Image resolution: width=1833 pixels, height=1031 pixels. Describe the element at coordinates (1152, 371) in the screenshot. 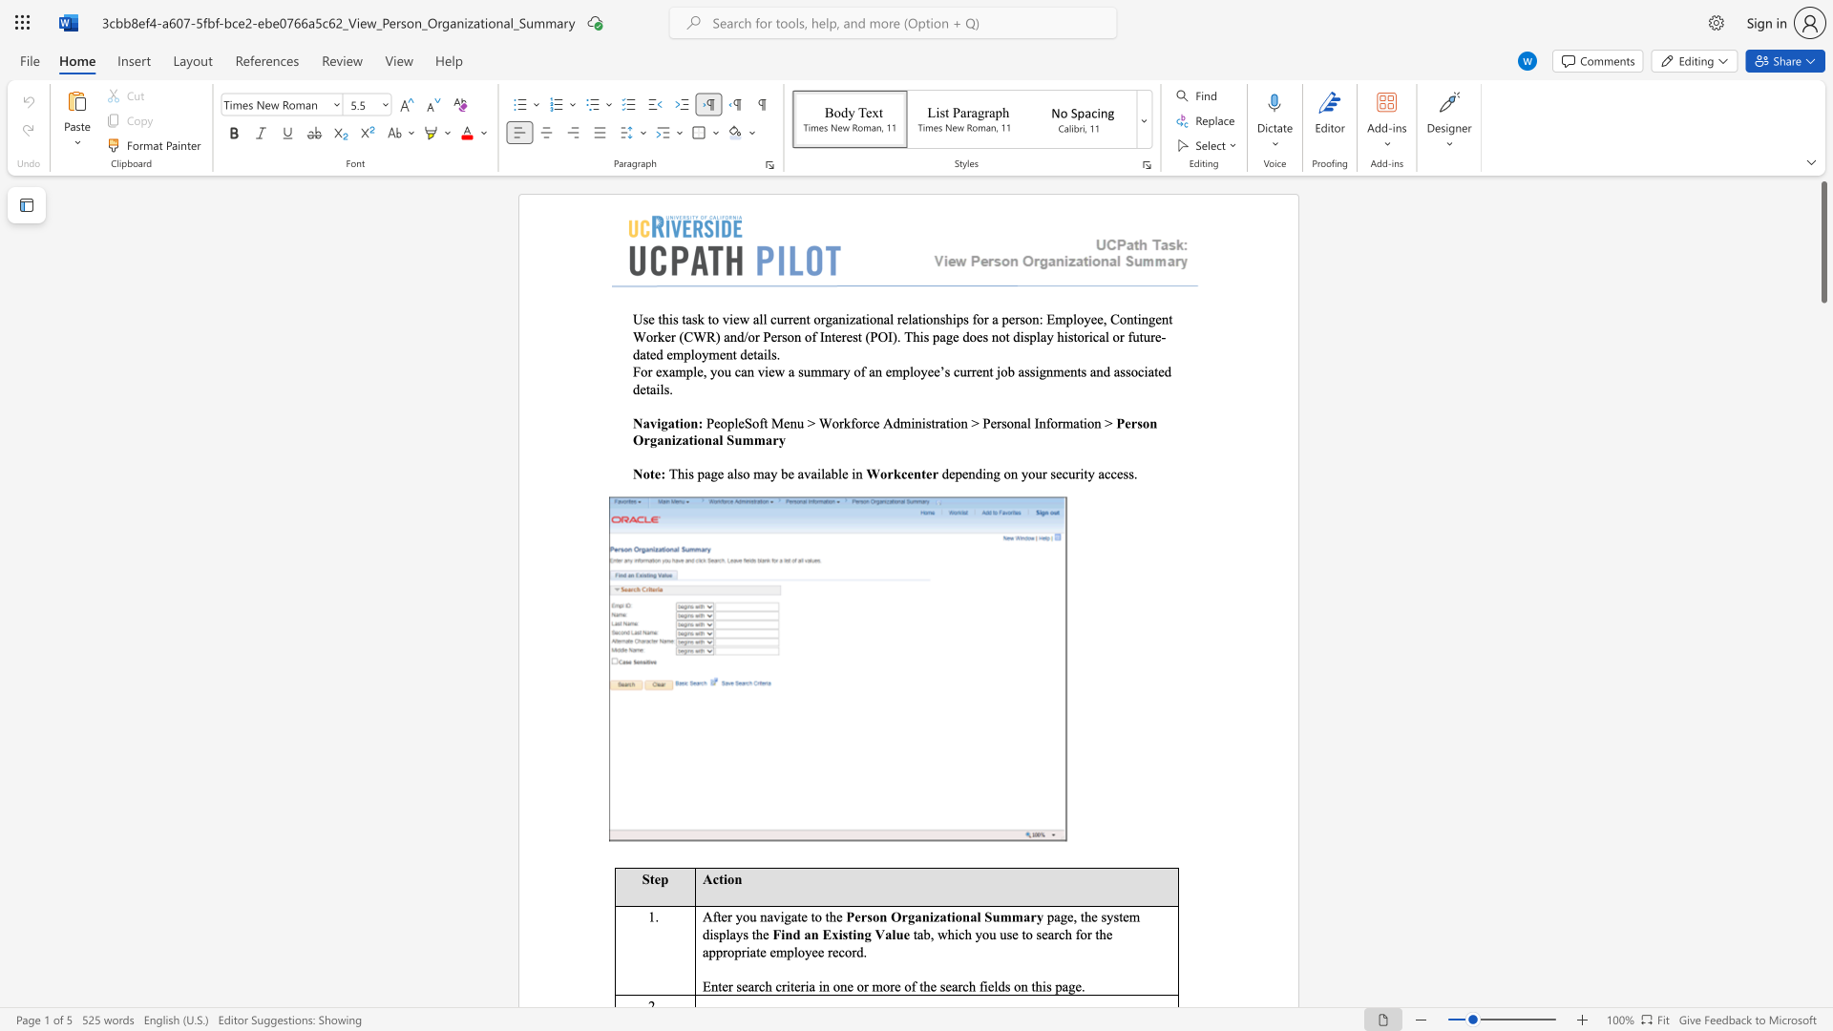

I see `the space between the continuous character "a" and "t" in the text` at that location.